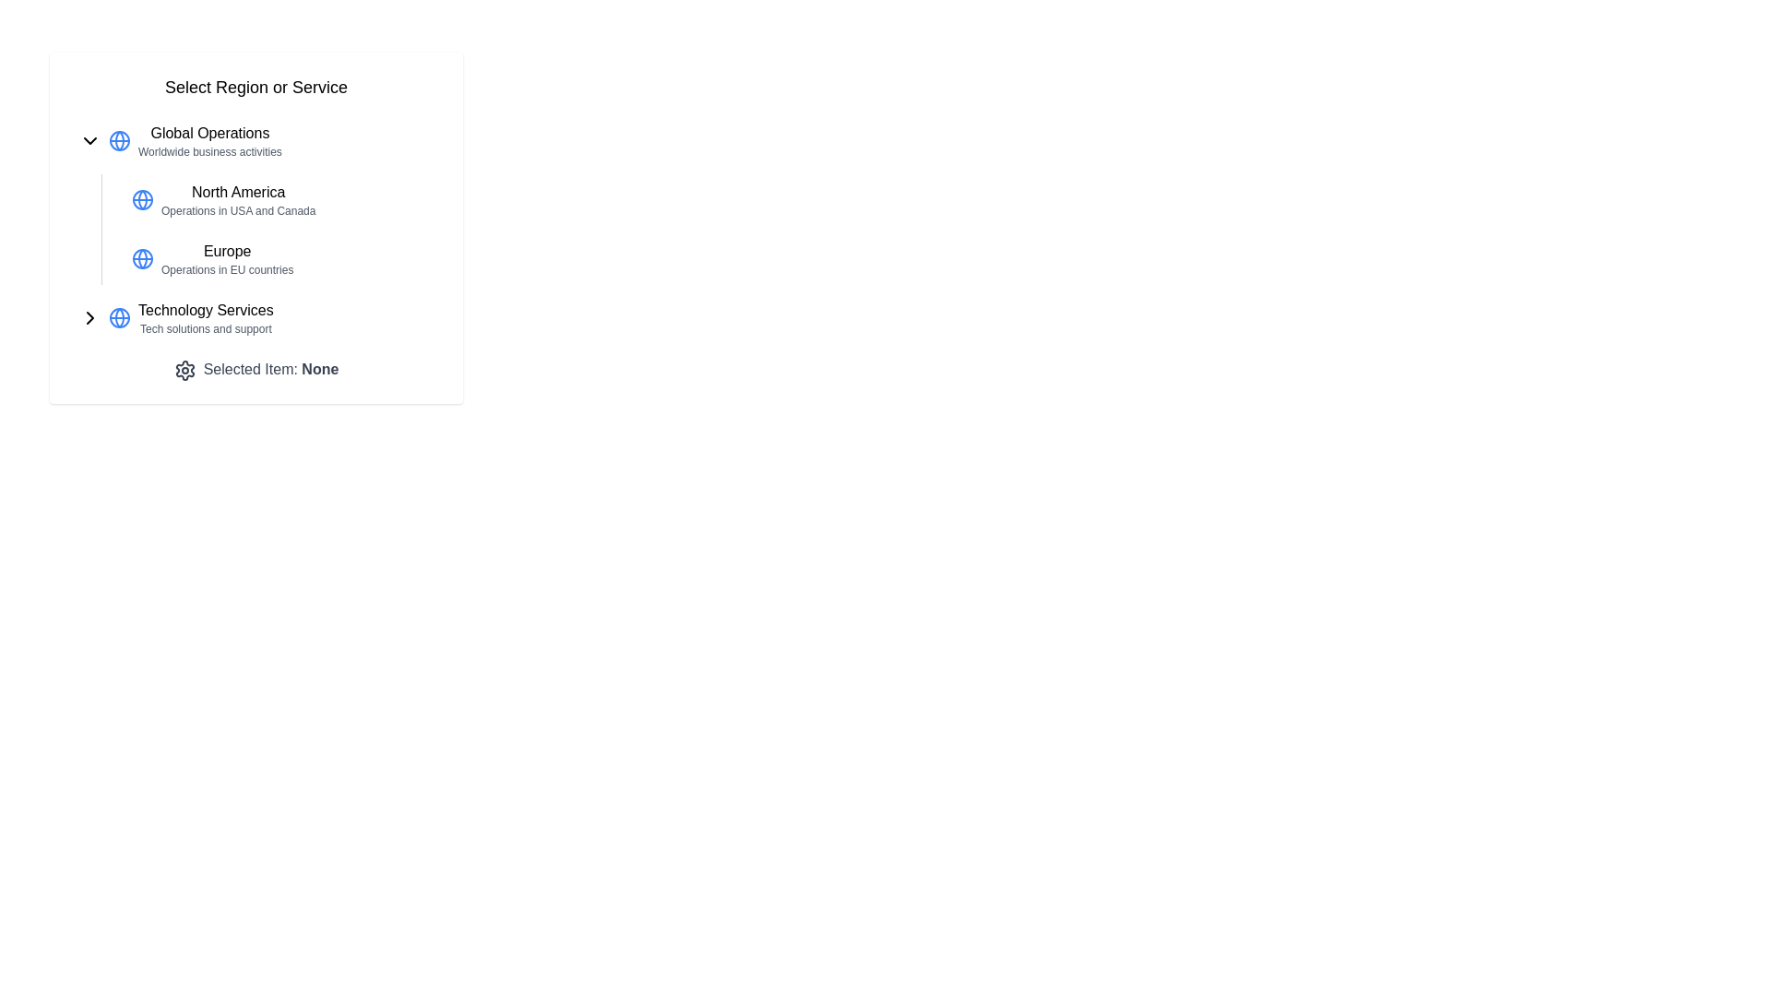 This screenshot has width=1771, height=996. I want to click on the Text Label representing a selectable category under the 'Global Operations' section in the side menu, positioned above the description 'Tech solutions and support', so click(206, 309).